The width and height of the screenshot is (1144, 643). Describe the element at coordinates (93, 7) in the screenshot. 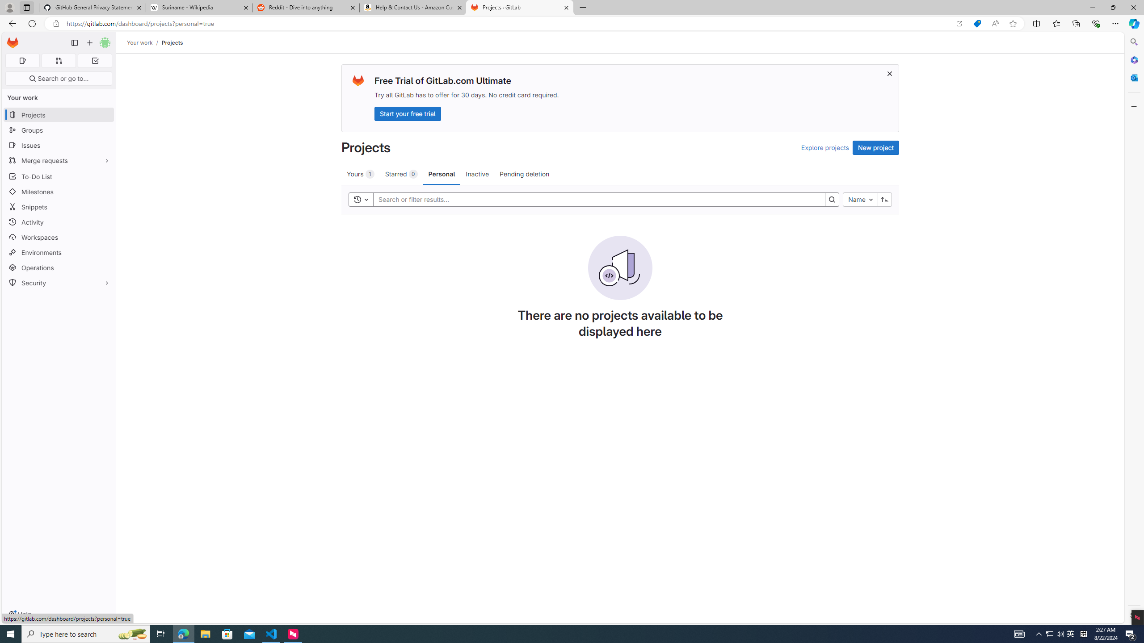

I see `'GitHub General Privacy Statement - GitHub Docs'` at that location.